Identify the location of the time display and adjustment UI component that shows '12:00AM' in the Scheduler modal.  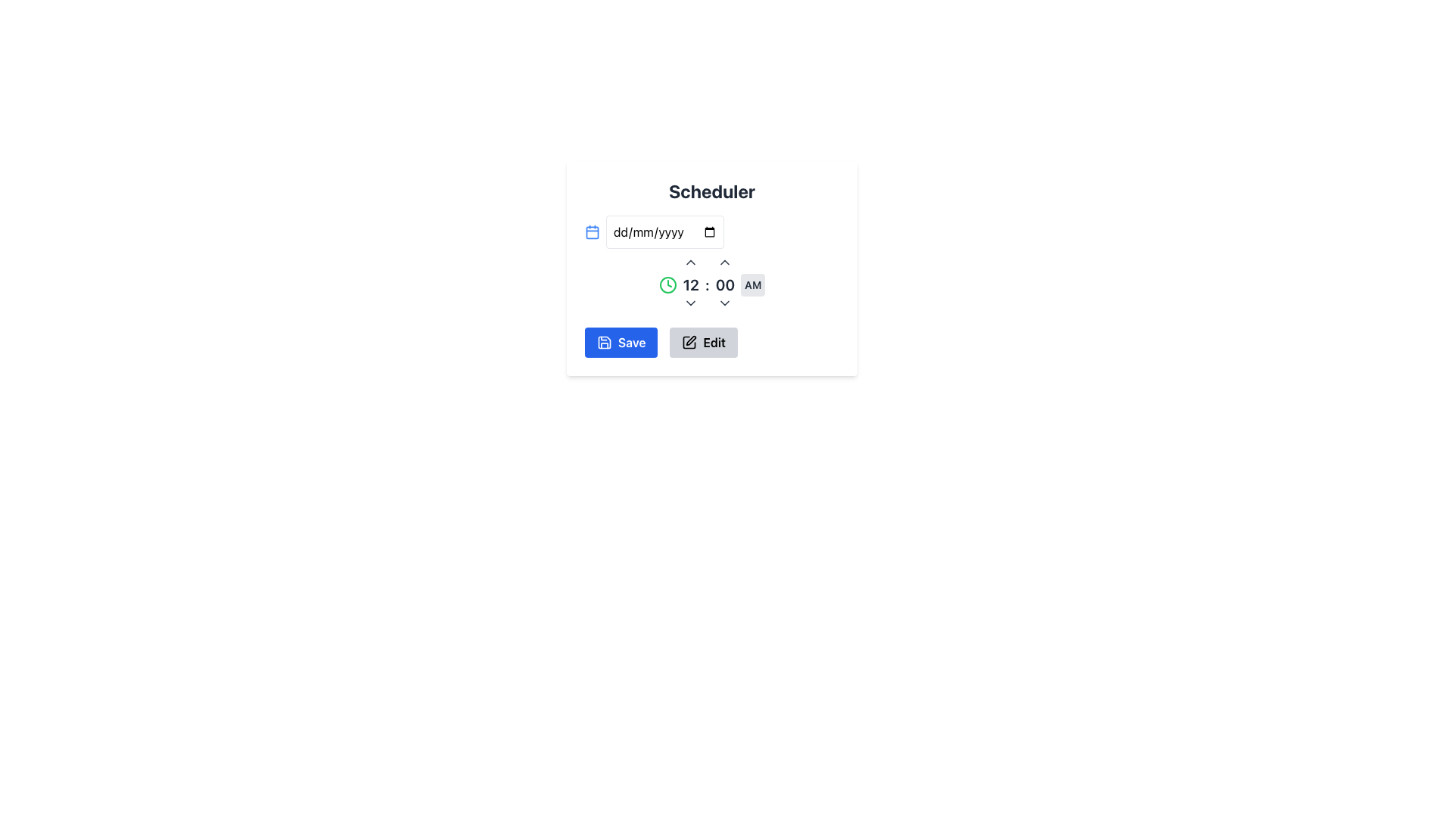
(711, 265).